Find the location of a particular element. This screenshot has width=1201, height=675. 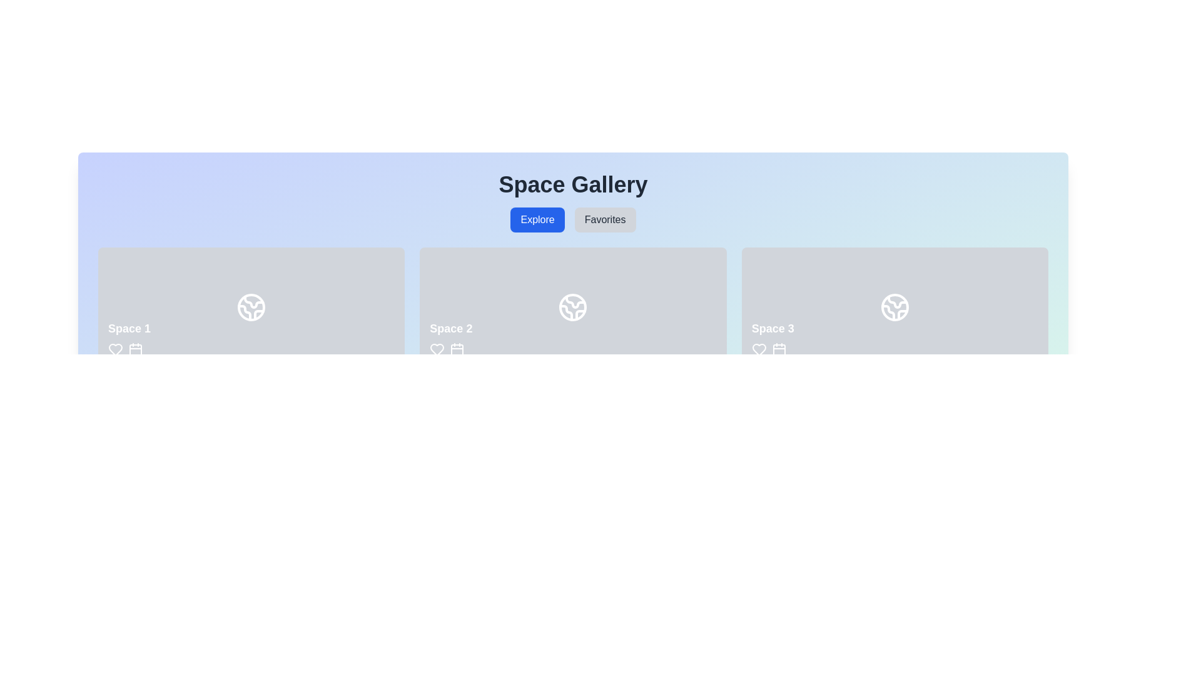

the favorited state toggle icon located below the 'Space 1' card in the Space Gallery, to the left of the calendar icon is located at coordinates (116, 349).